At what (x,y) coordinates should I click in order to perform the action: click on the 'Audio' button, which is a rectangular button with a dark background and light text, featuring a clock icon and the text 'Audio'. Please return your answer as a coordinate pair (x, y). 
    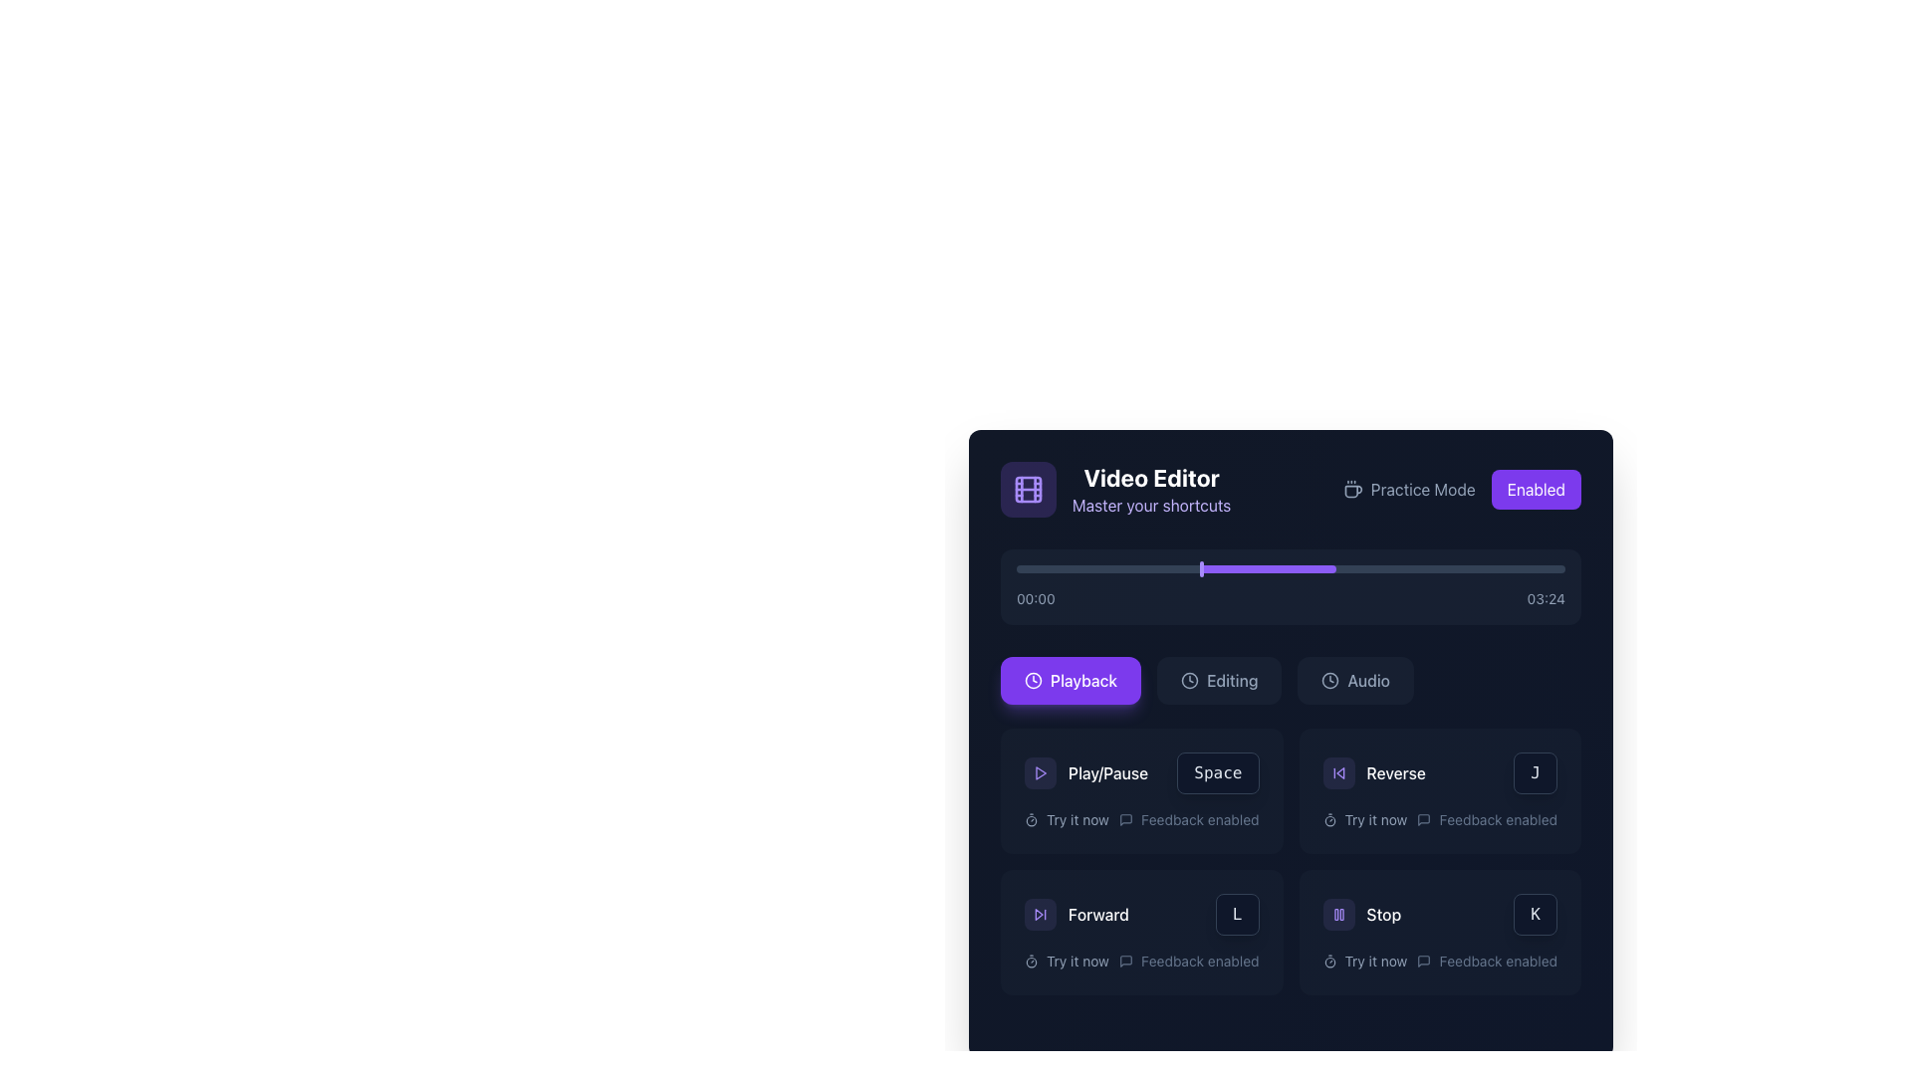
    Looking at the image, I should click on (1354, 679).